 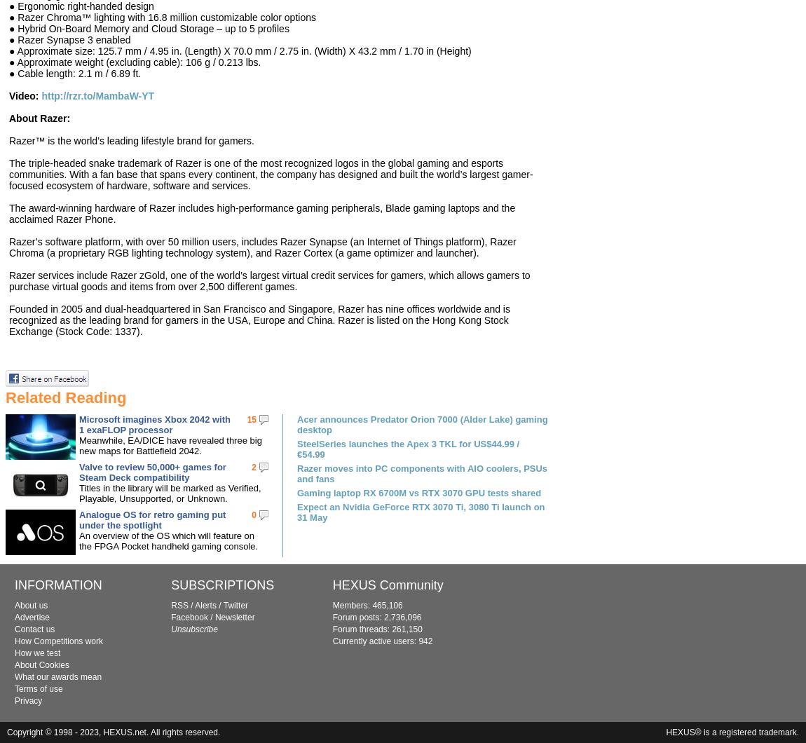 What do you see at coordinates (8, 247) in the screenshot?
I see `'Razer’s software platform, with over 50 million users, includes Razer Synapse (an Internet of Things platform), Razer Chroma (a proprietary RGB lighting technology system), and Razer Cortex (a game optimizer and launcher).'` at bounding box center [8, 247].